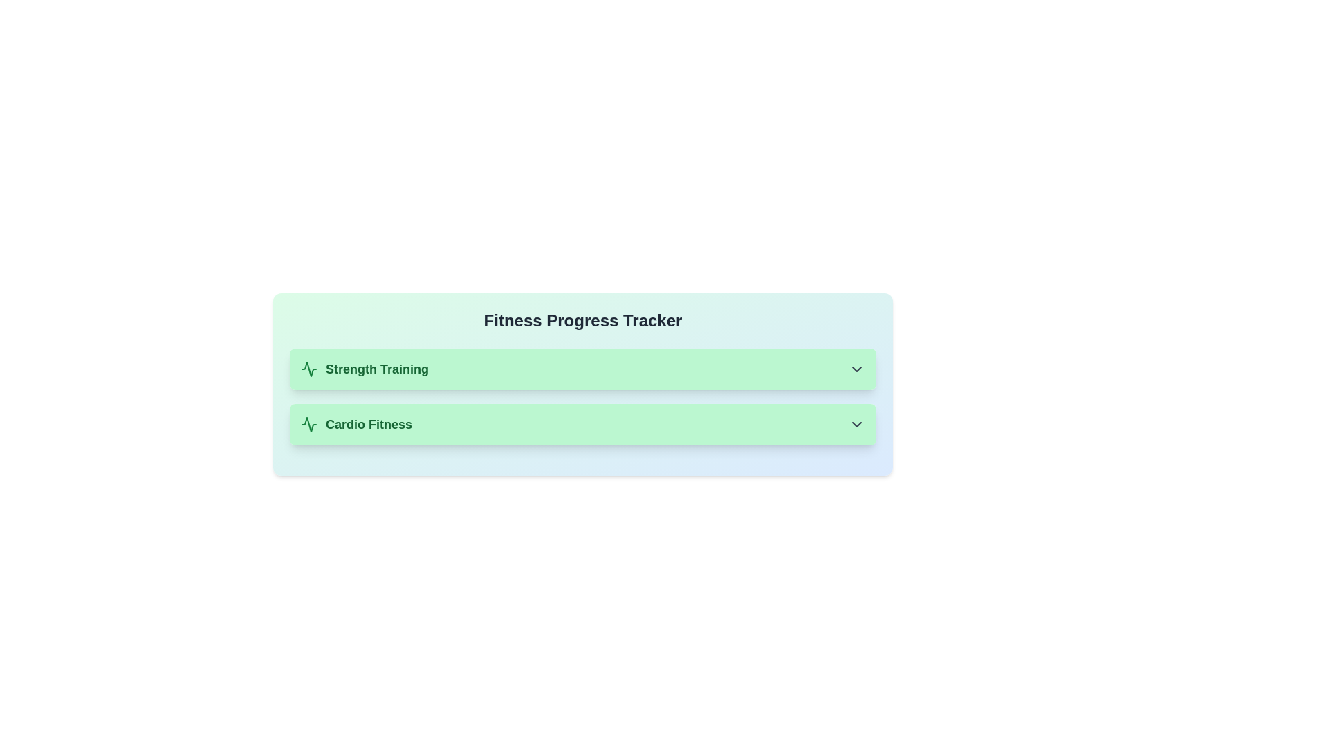 This screenshot has height=747, width=1328. Describe the element at coordinates (583, 384) in the screenshot. I see `the expand button of the 'Fitness Progress Tracker' expandable panel` at that location.